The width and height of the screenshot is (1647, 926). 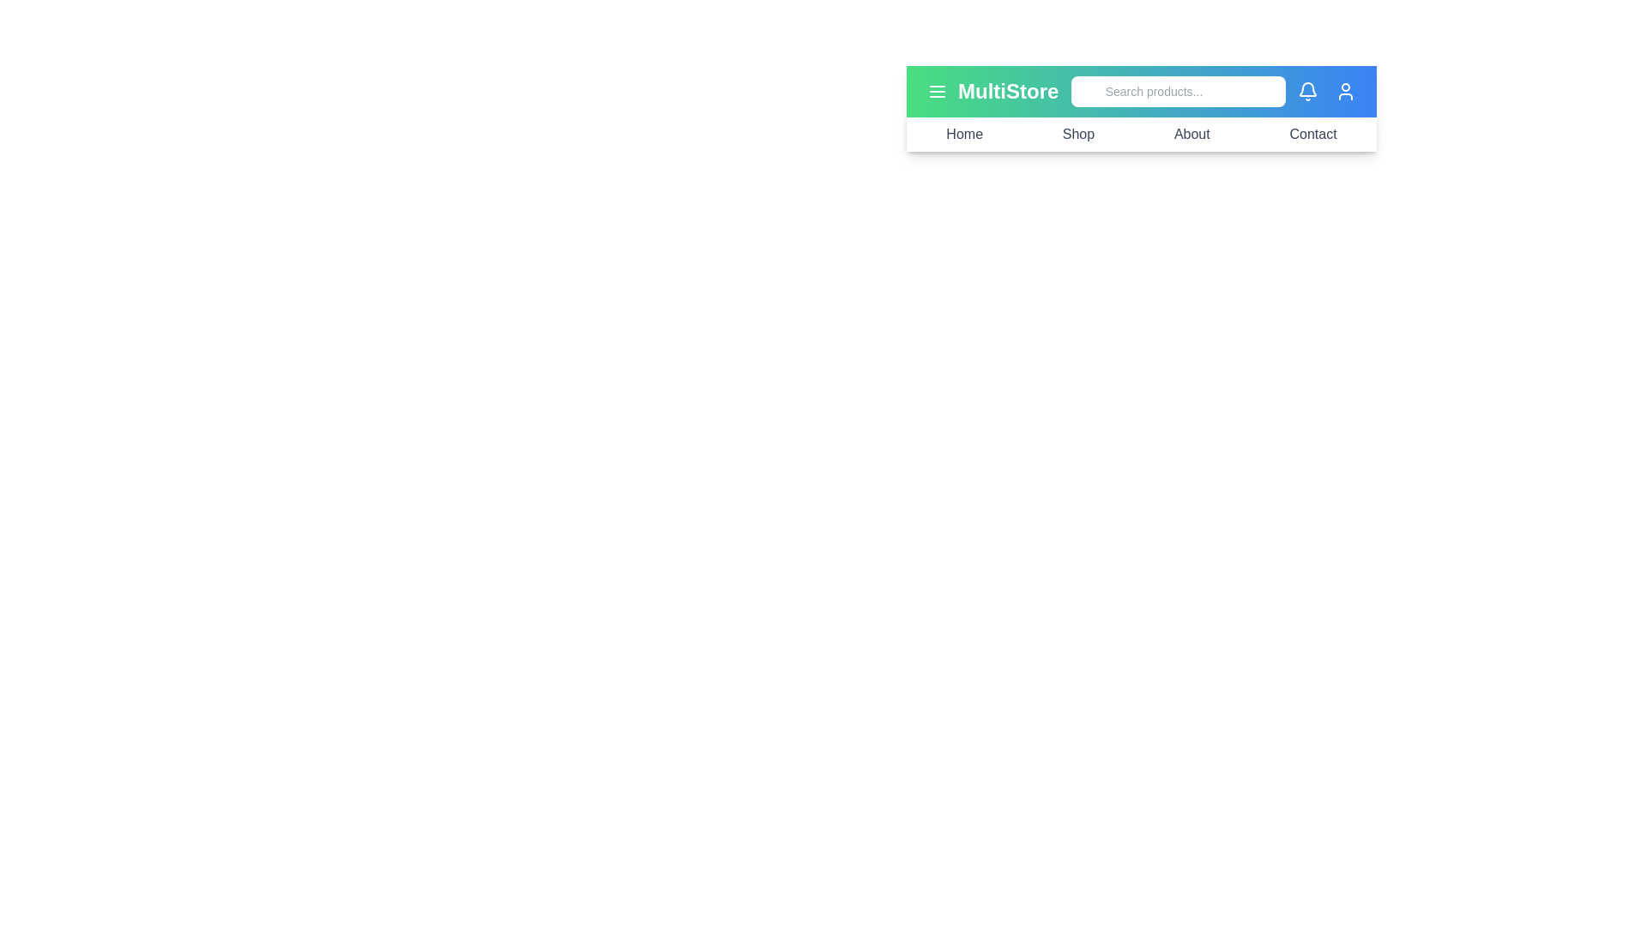 I want to click on the About navigation link, so click(x=1191, y=134).